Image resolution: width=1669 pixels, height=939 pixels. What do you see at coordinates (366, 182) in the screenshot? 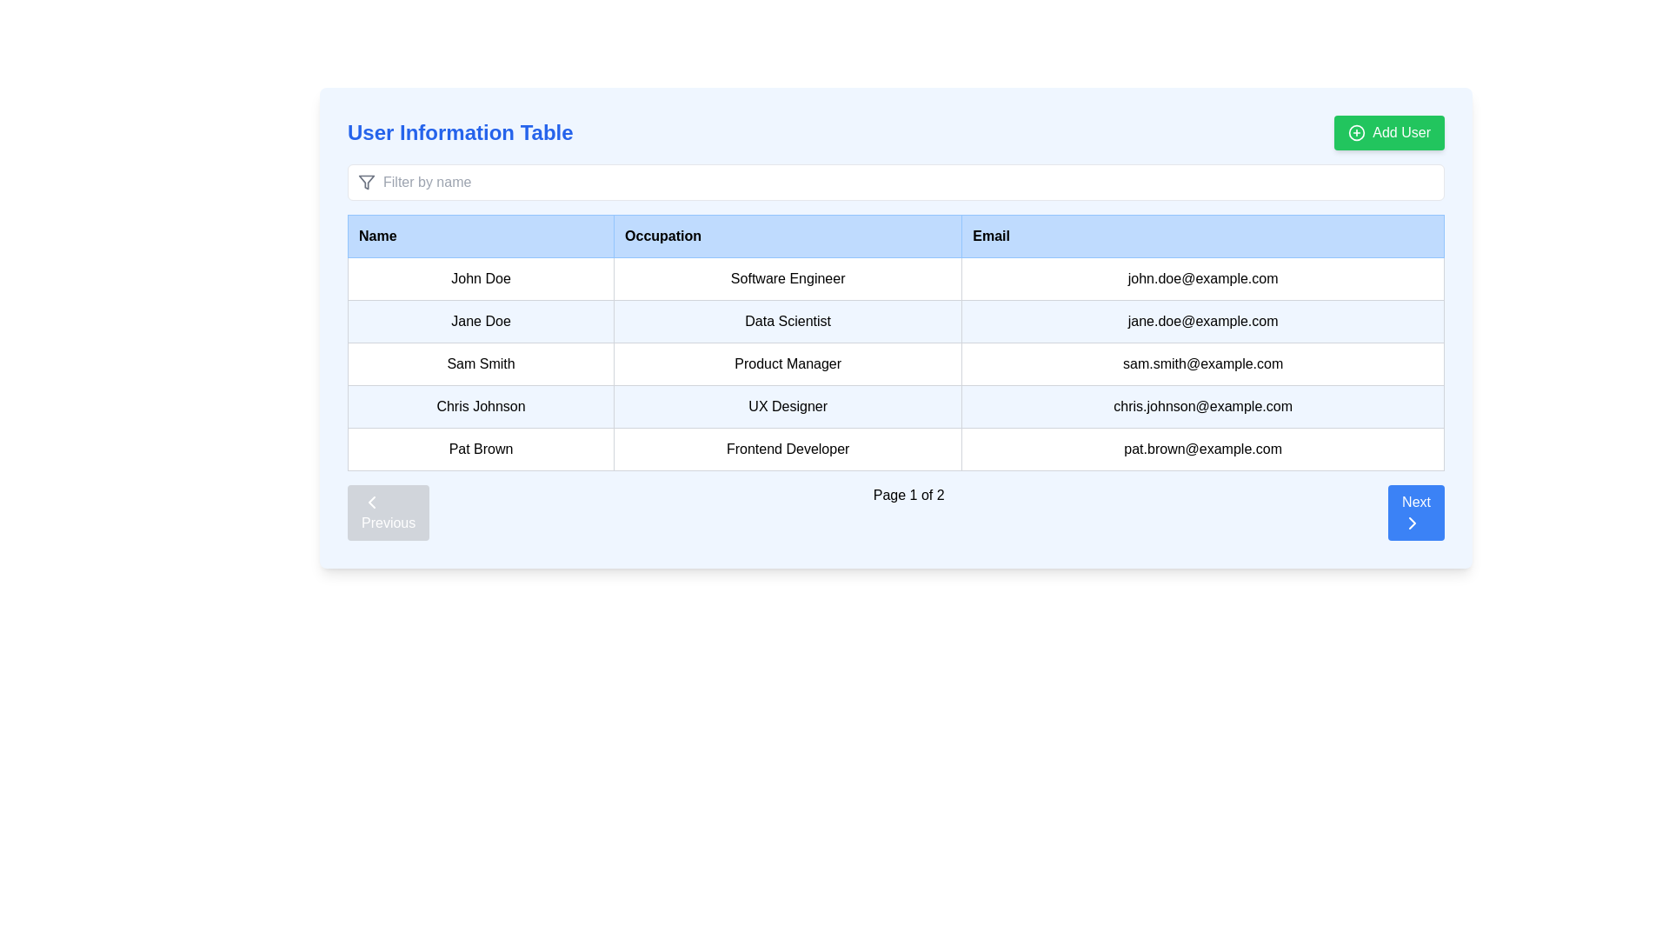
I see `the filter icon located to the left of the 'Filter by name' input box` at bounding box center [366, 182].